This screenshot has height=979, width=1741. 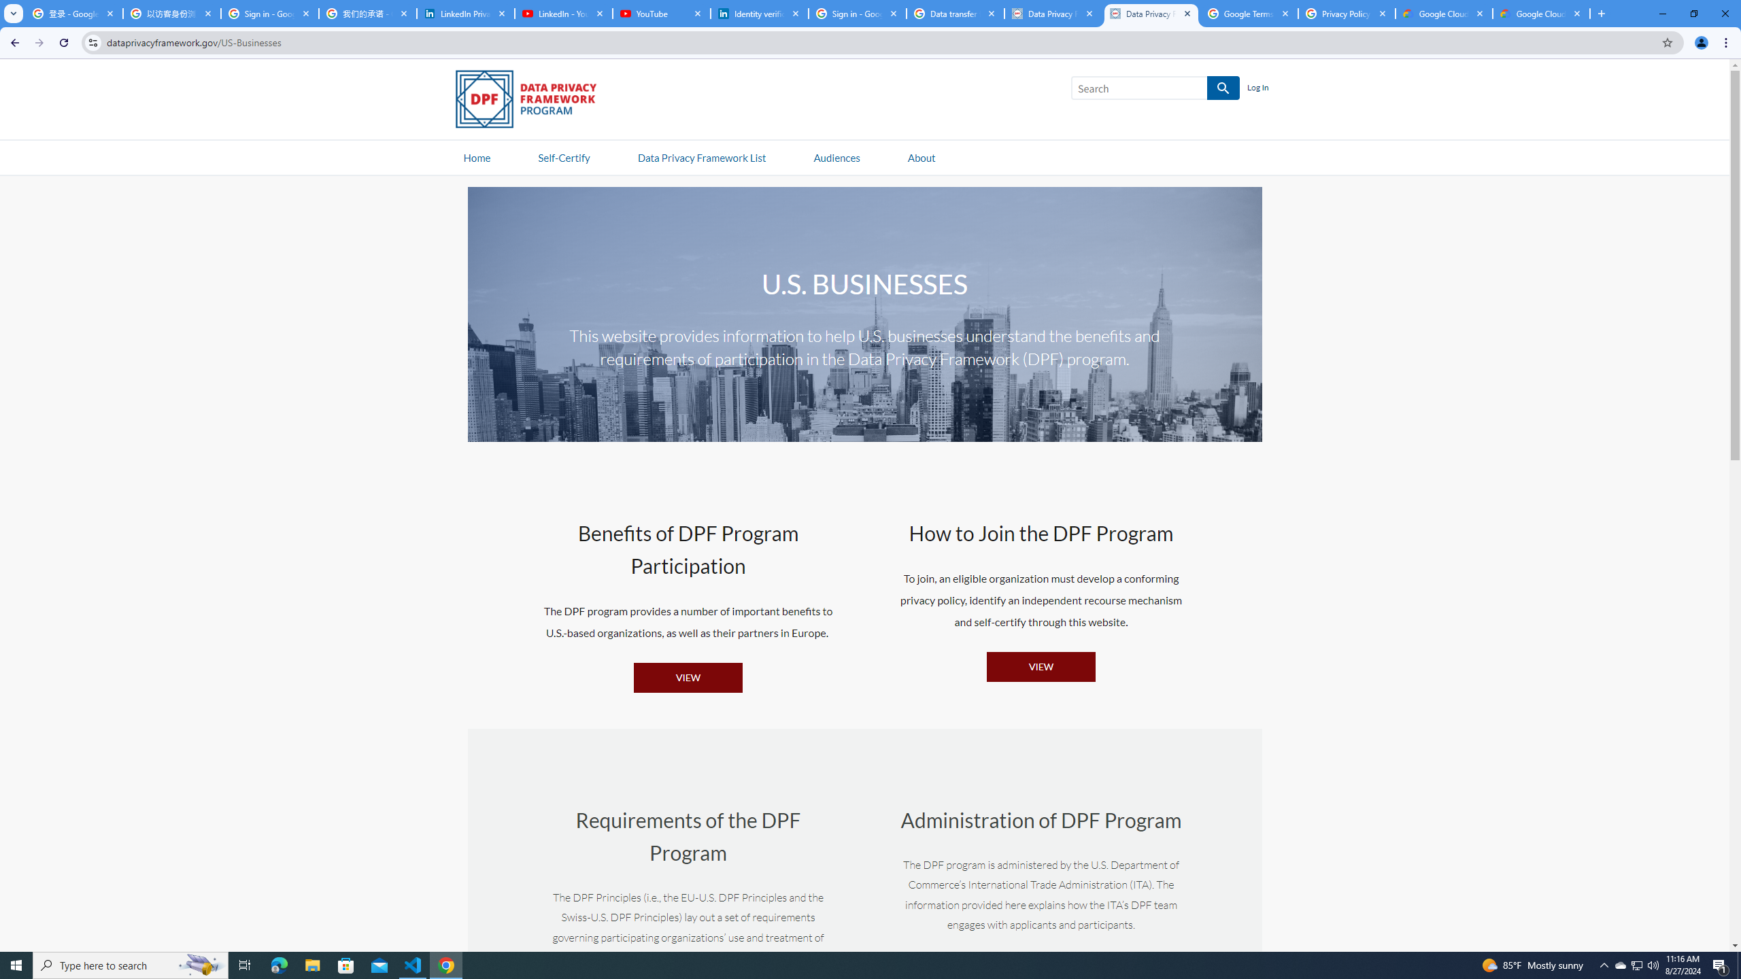 What do you see at coordinates (477, 156) in the screenshot?
I see `'Home'` at bounding box center [477, 156].